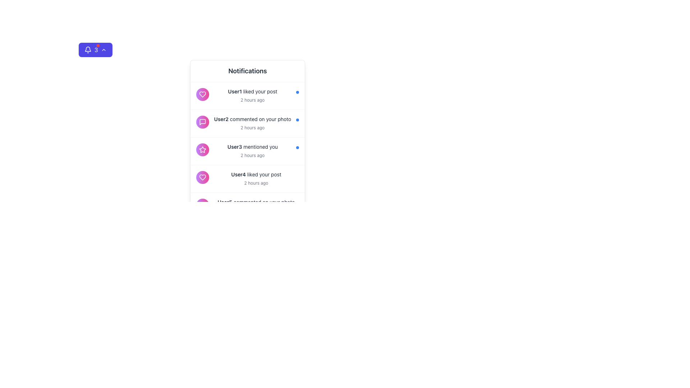 This screenshot has height=388, width=690. What do you see at coordinates (202, 121) in the screenshot?
I see `the unique speech bubble decorative icon located in the notification bubble at the top-left corner of the interface` at bounding box center [202, 121].